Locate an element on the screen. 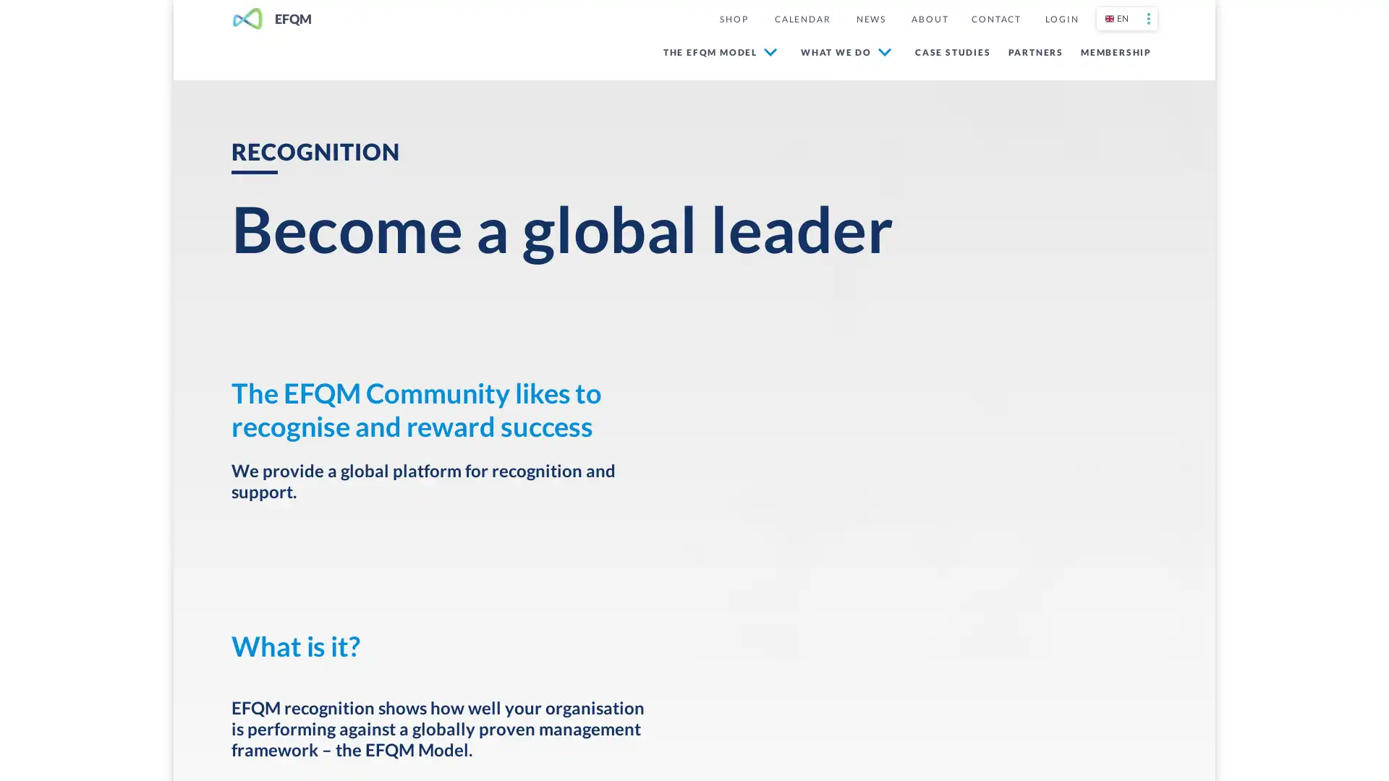 The width and height of the screenshot is (1389, 781). ABOUT is located at coordinates (930, 19).